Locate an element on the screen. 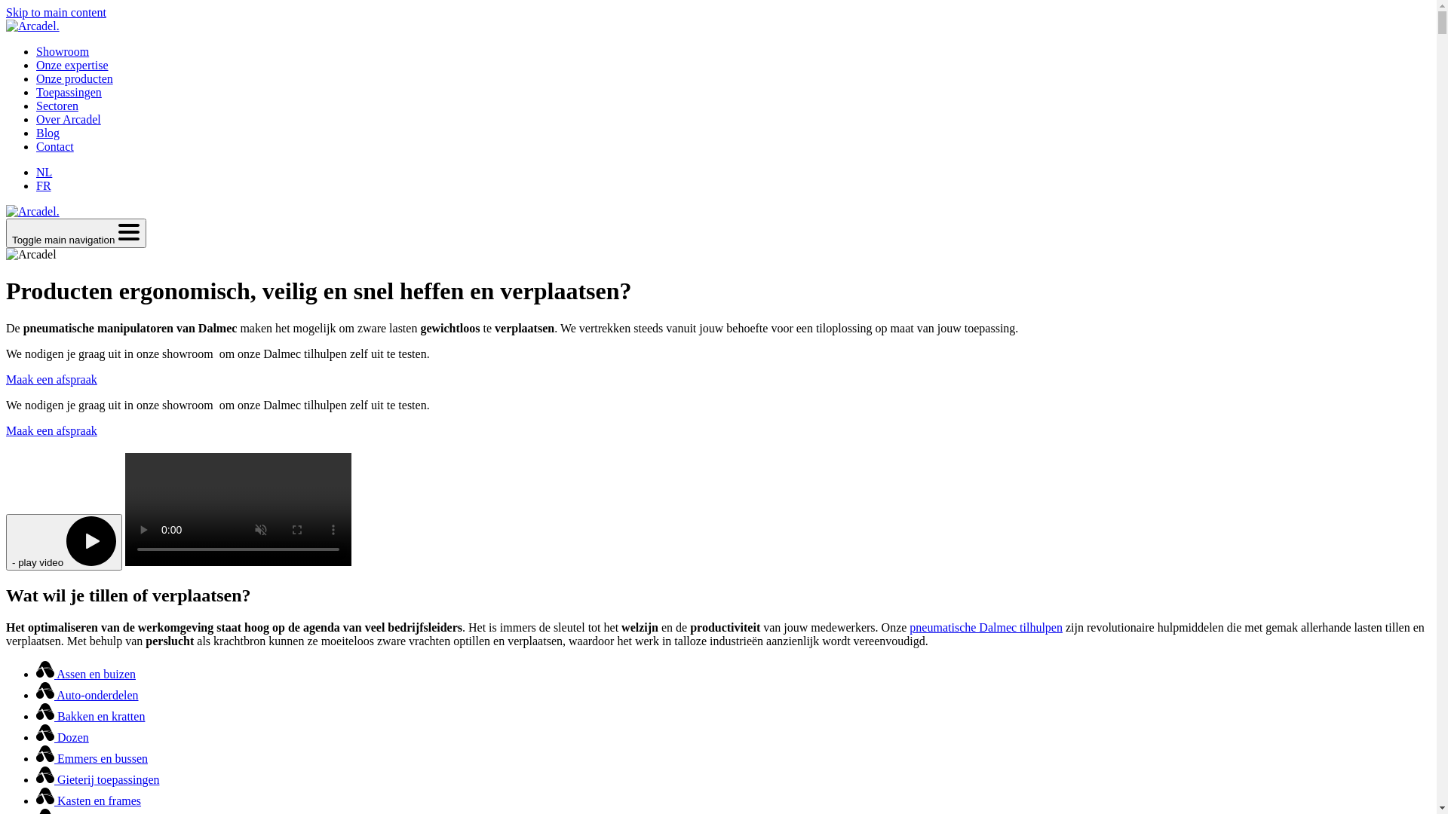 This screenshot has width=1448, height=814. 'Maak een afspraak' is located at coordinates (51, 430).